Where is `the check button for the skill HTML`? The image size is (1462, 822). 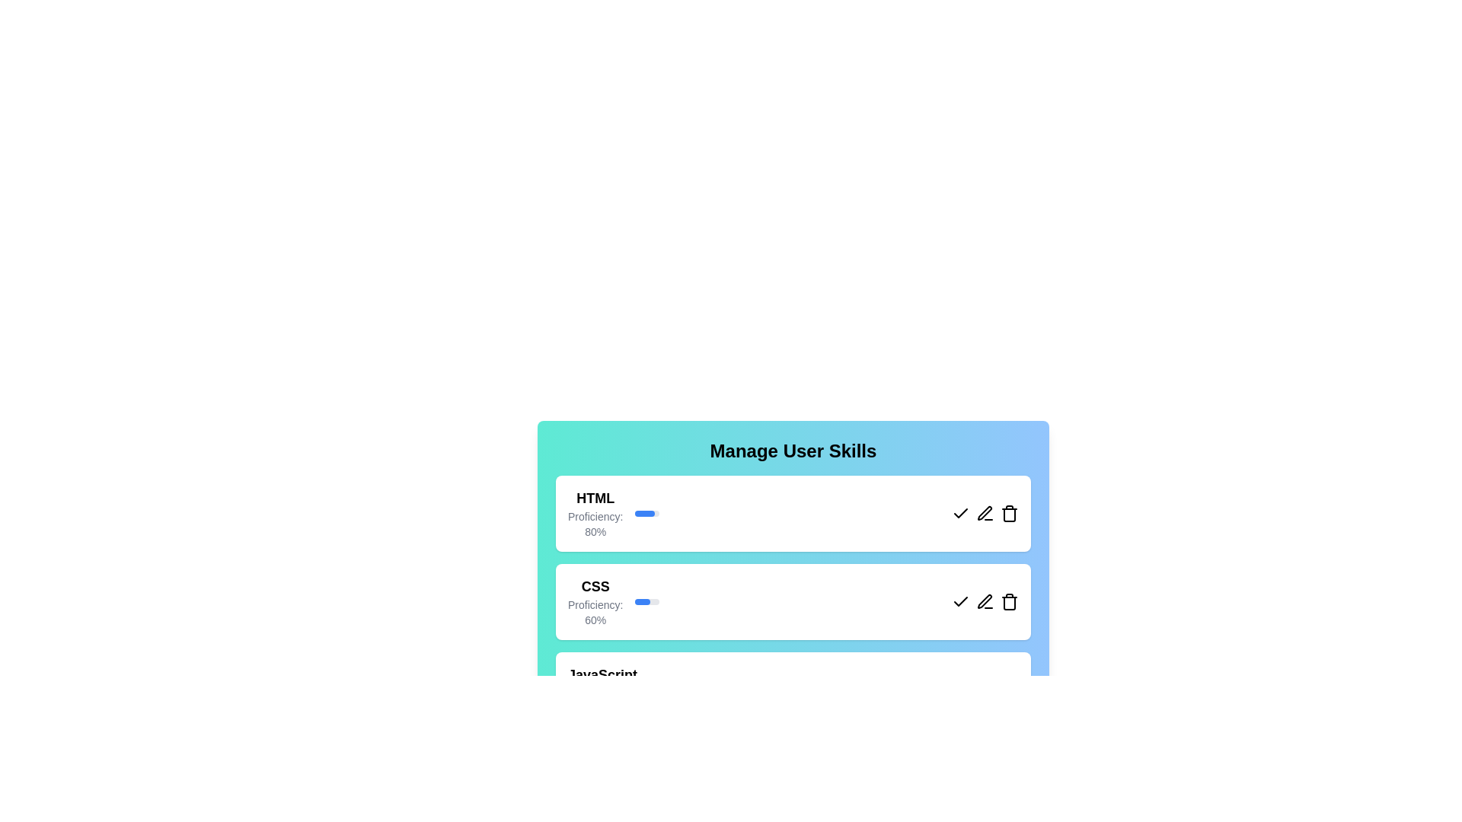 the check button for the skill HTML is located at coordinates (960, 514).